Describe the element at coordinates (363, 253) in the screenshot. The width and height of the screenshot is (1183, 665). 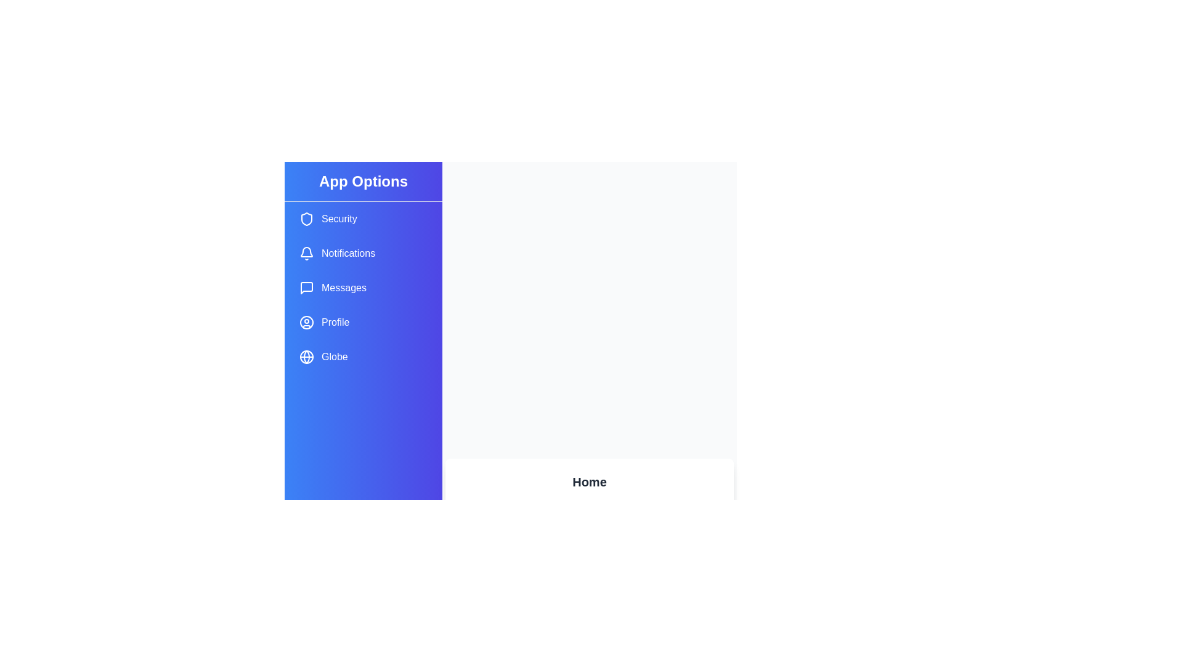
I see `the sidebar item corresponding to Notifications` at that location.